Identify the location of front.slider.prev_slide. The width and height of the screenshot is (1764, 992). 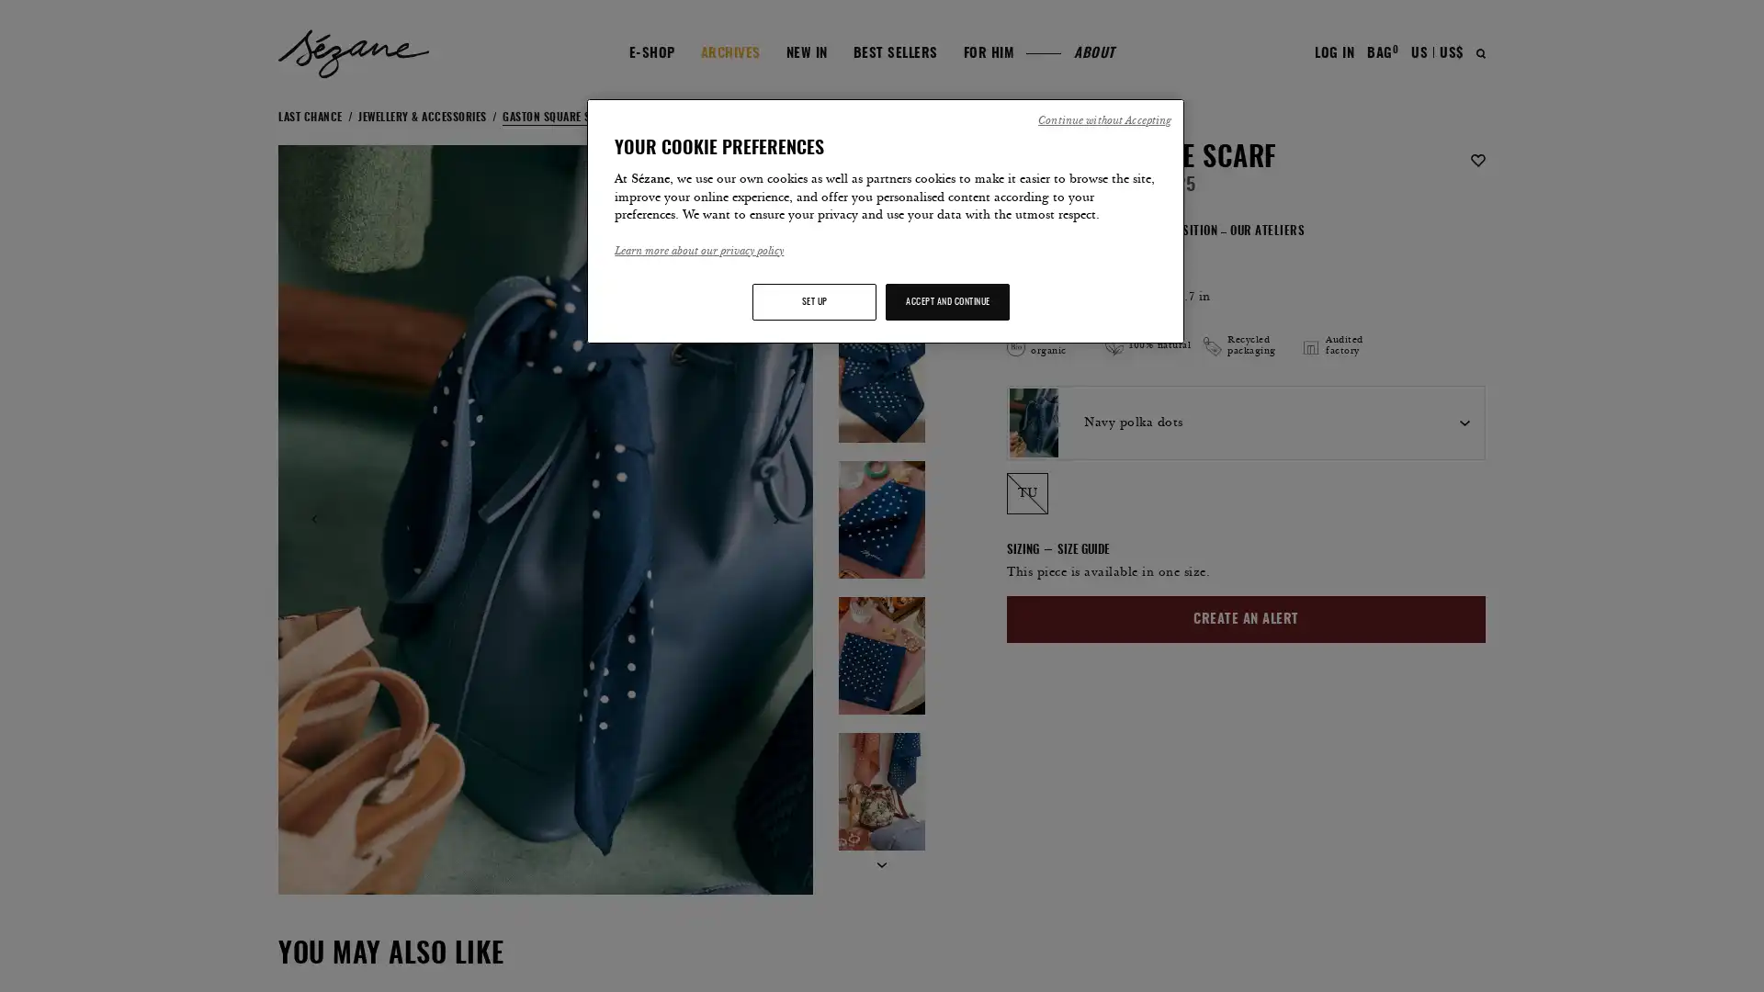
(314, 519).